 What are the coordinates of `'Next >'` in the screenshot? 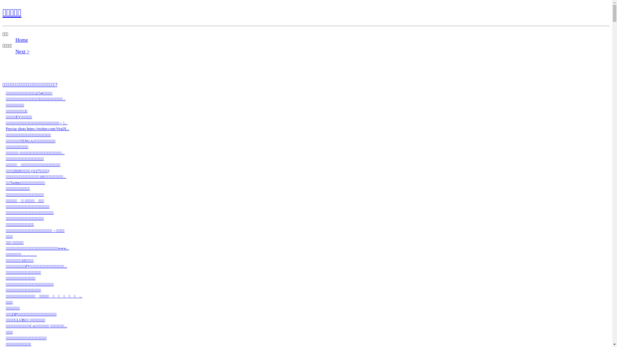 It's located at (22, 51).